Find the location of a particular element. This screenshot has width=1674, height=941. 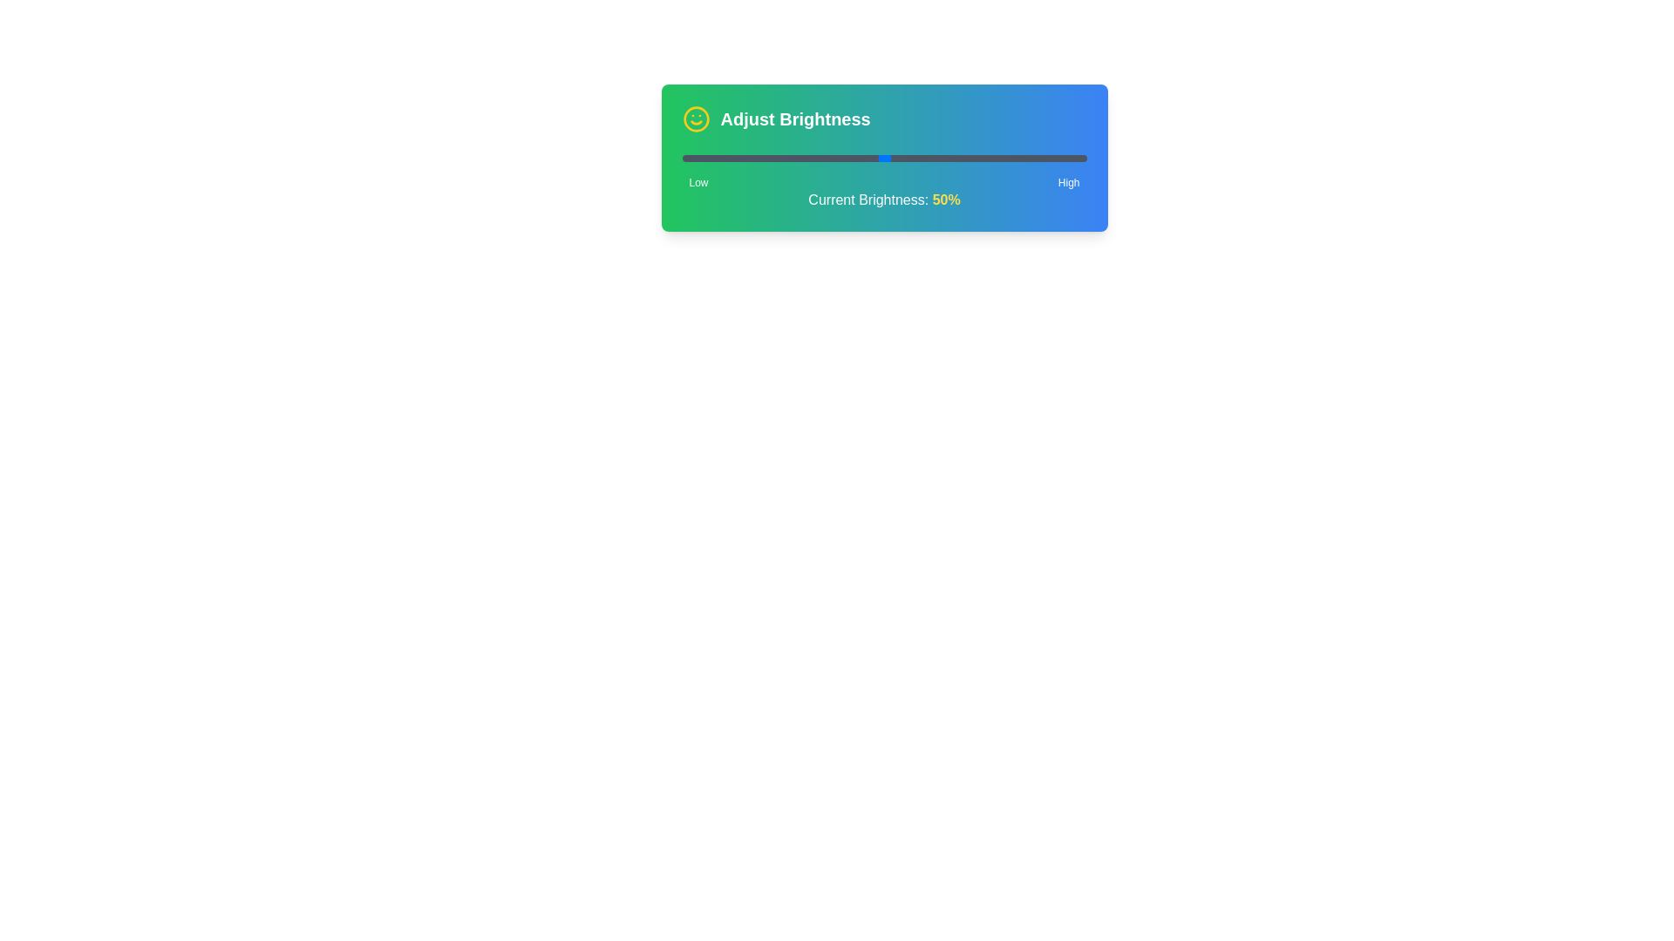

the brightness level to 3% using the slider is located at coordinates (693, 158).